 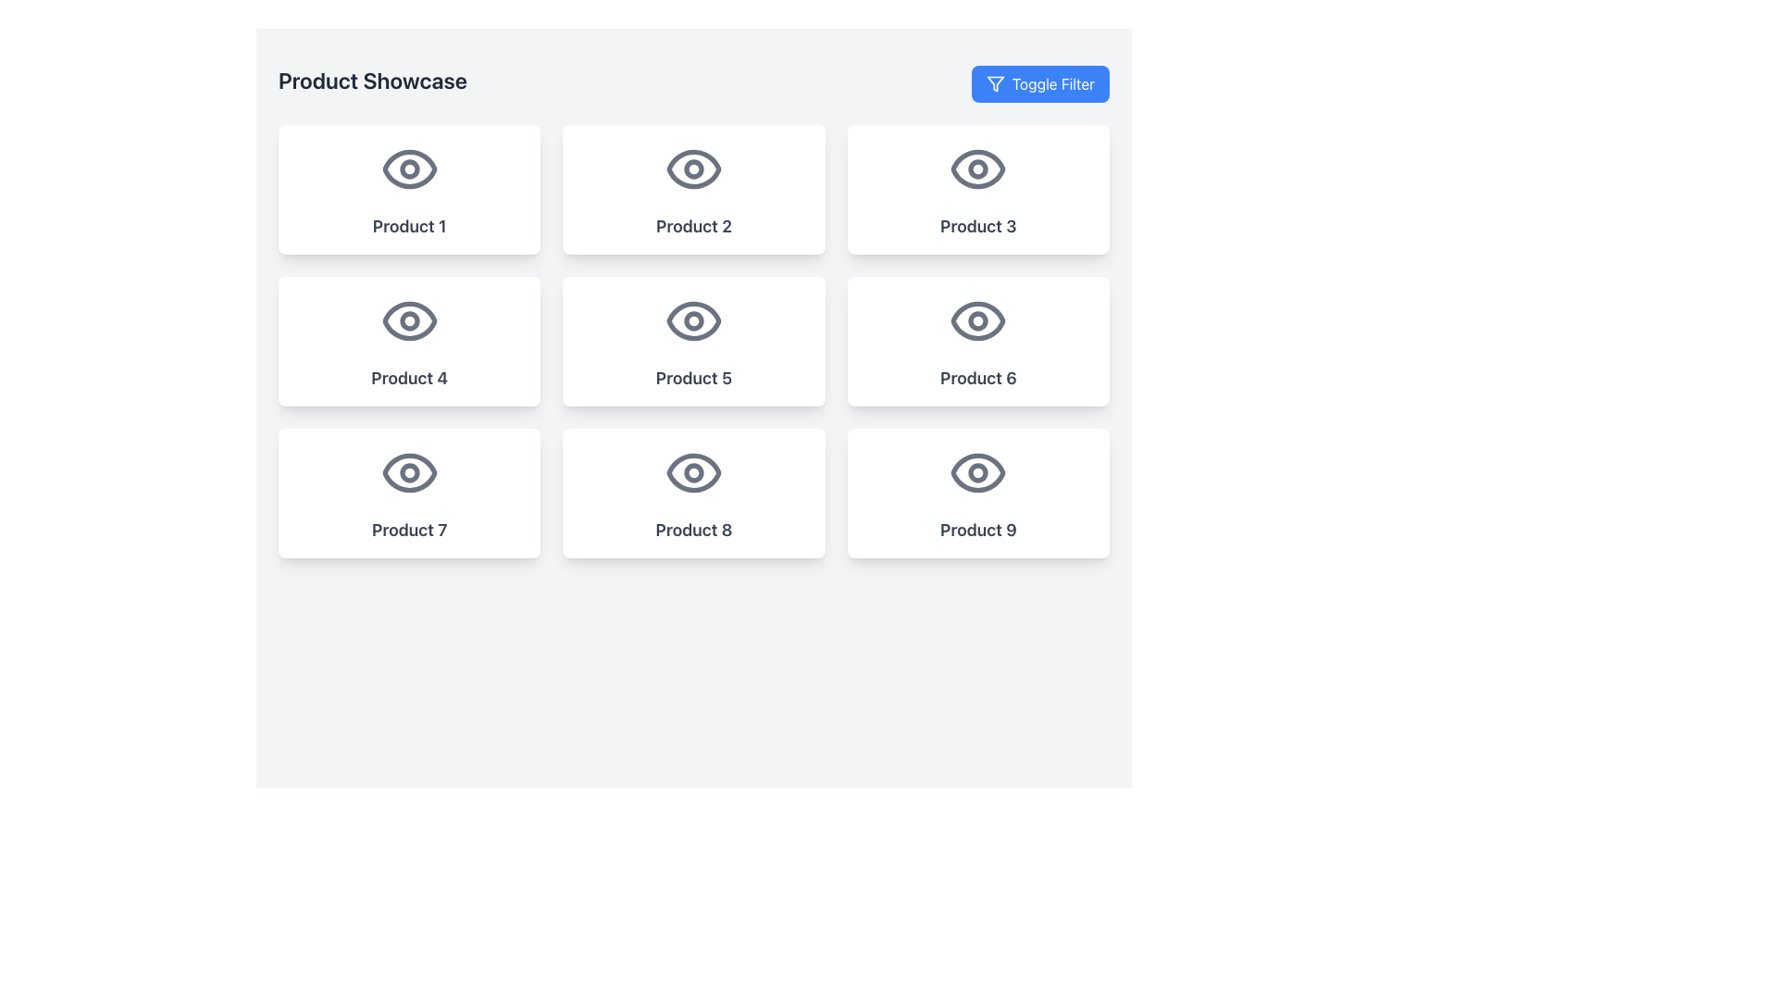 What do you see at coordinates (692, 169) in the screenshot?
I see `the small circular SVG Circle element centered within the eye-shaped icon of the 'Product 2' section in the product showcase grid` at bounding box center [692, 169].